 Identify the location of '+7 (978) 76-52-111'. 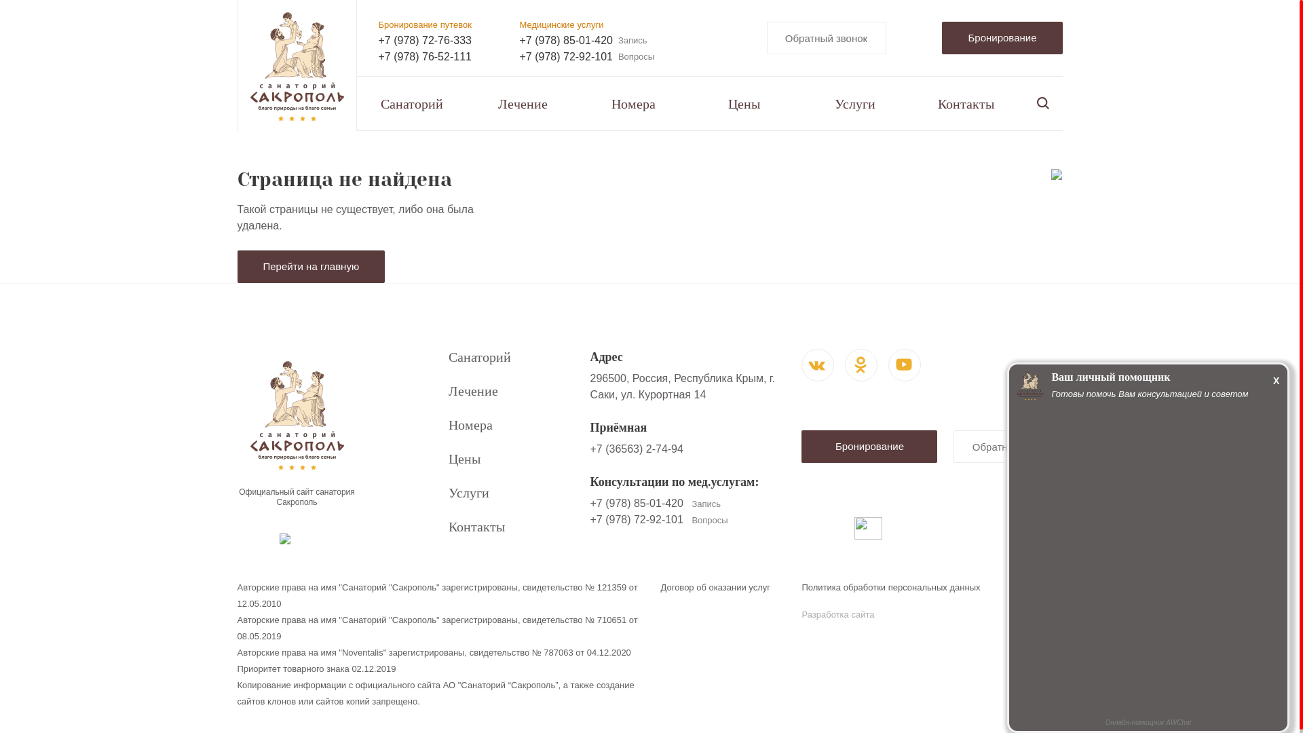
(424, 56).